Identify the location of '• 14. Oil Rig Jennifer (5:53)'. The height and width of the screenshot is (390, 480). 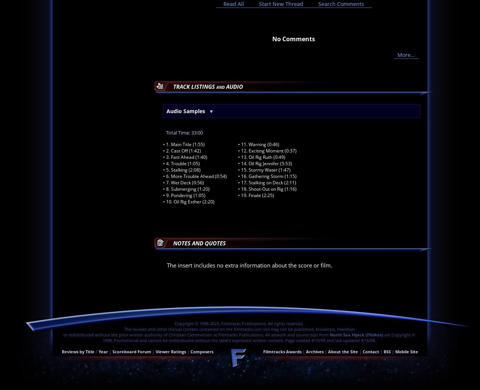
(265, 163).